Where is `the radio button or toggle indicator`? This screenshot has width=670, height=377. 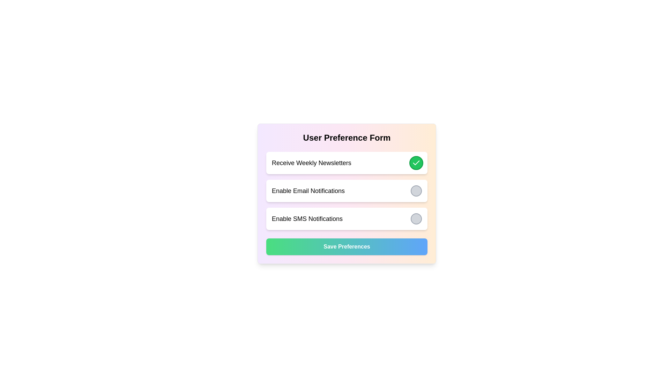 the radio button or toggle indicator is located at coordinates (416, 191).